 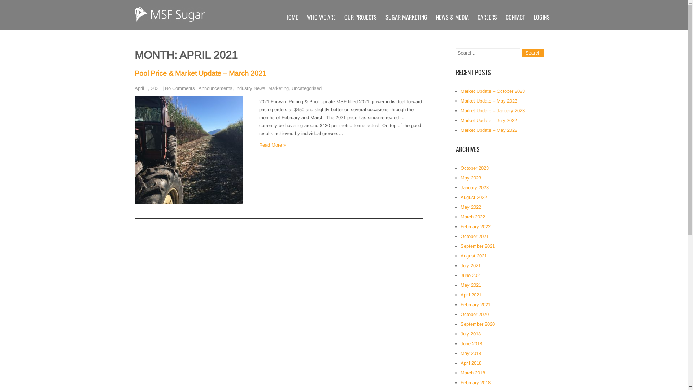 What do you see at coordinates (381, 16) in the screenshot?
I see `'SUGAR MARKETING'` at bounding box center [381, 16].